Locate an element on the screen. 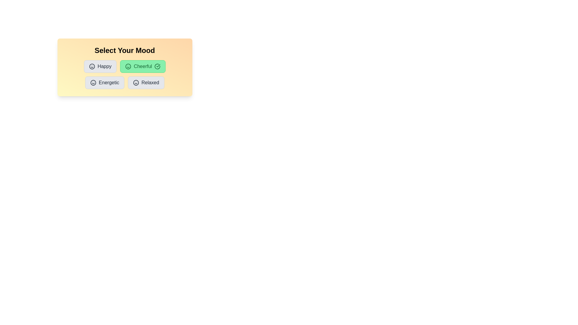 The width and height of the screenshot is (578, 325). the mood chip labeled Relaxed is located at coordinates (146, 82).